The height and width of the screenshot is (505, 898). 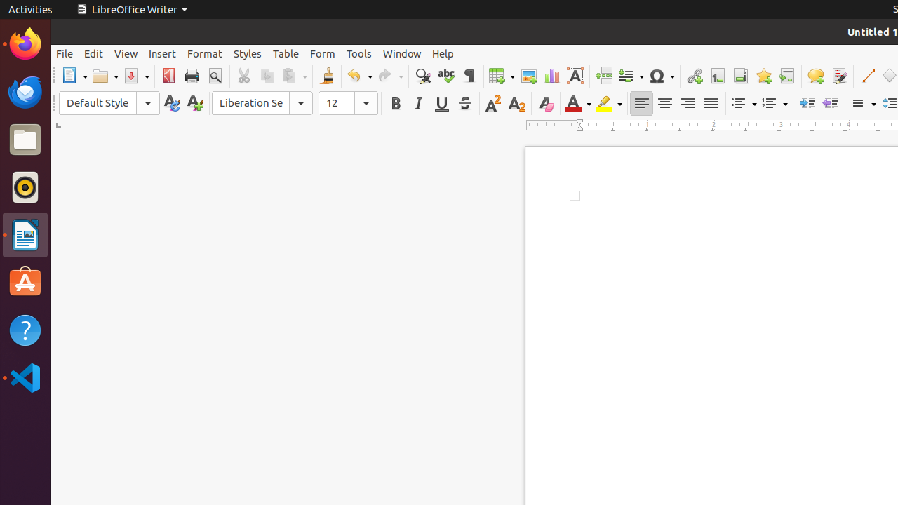 I want to click on 'Page Break', so click(x=603, y=76).